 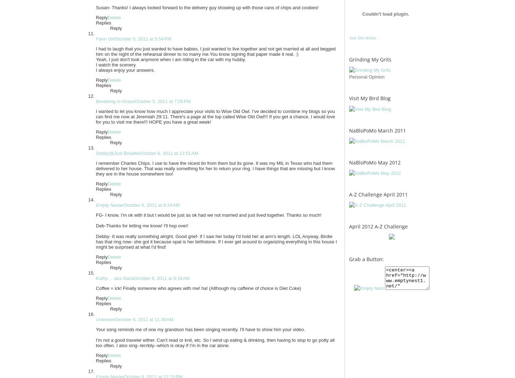 I want to click on 'October 5, 2011 at 5:54 PM', so click(x=142, y=39).